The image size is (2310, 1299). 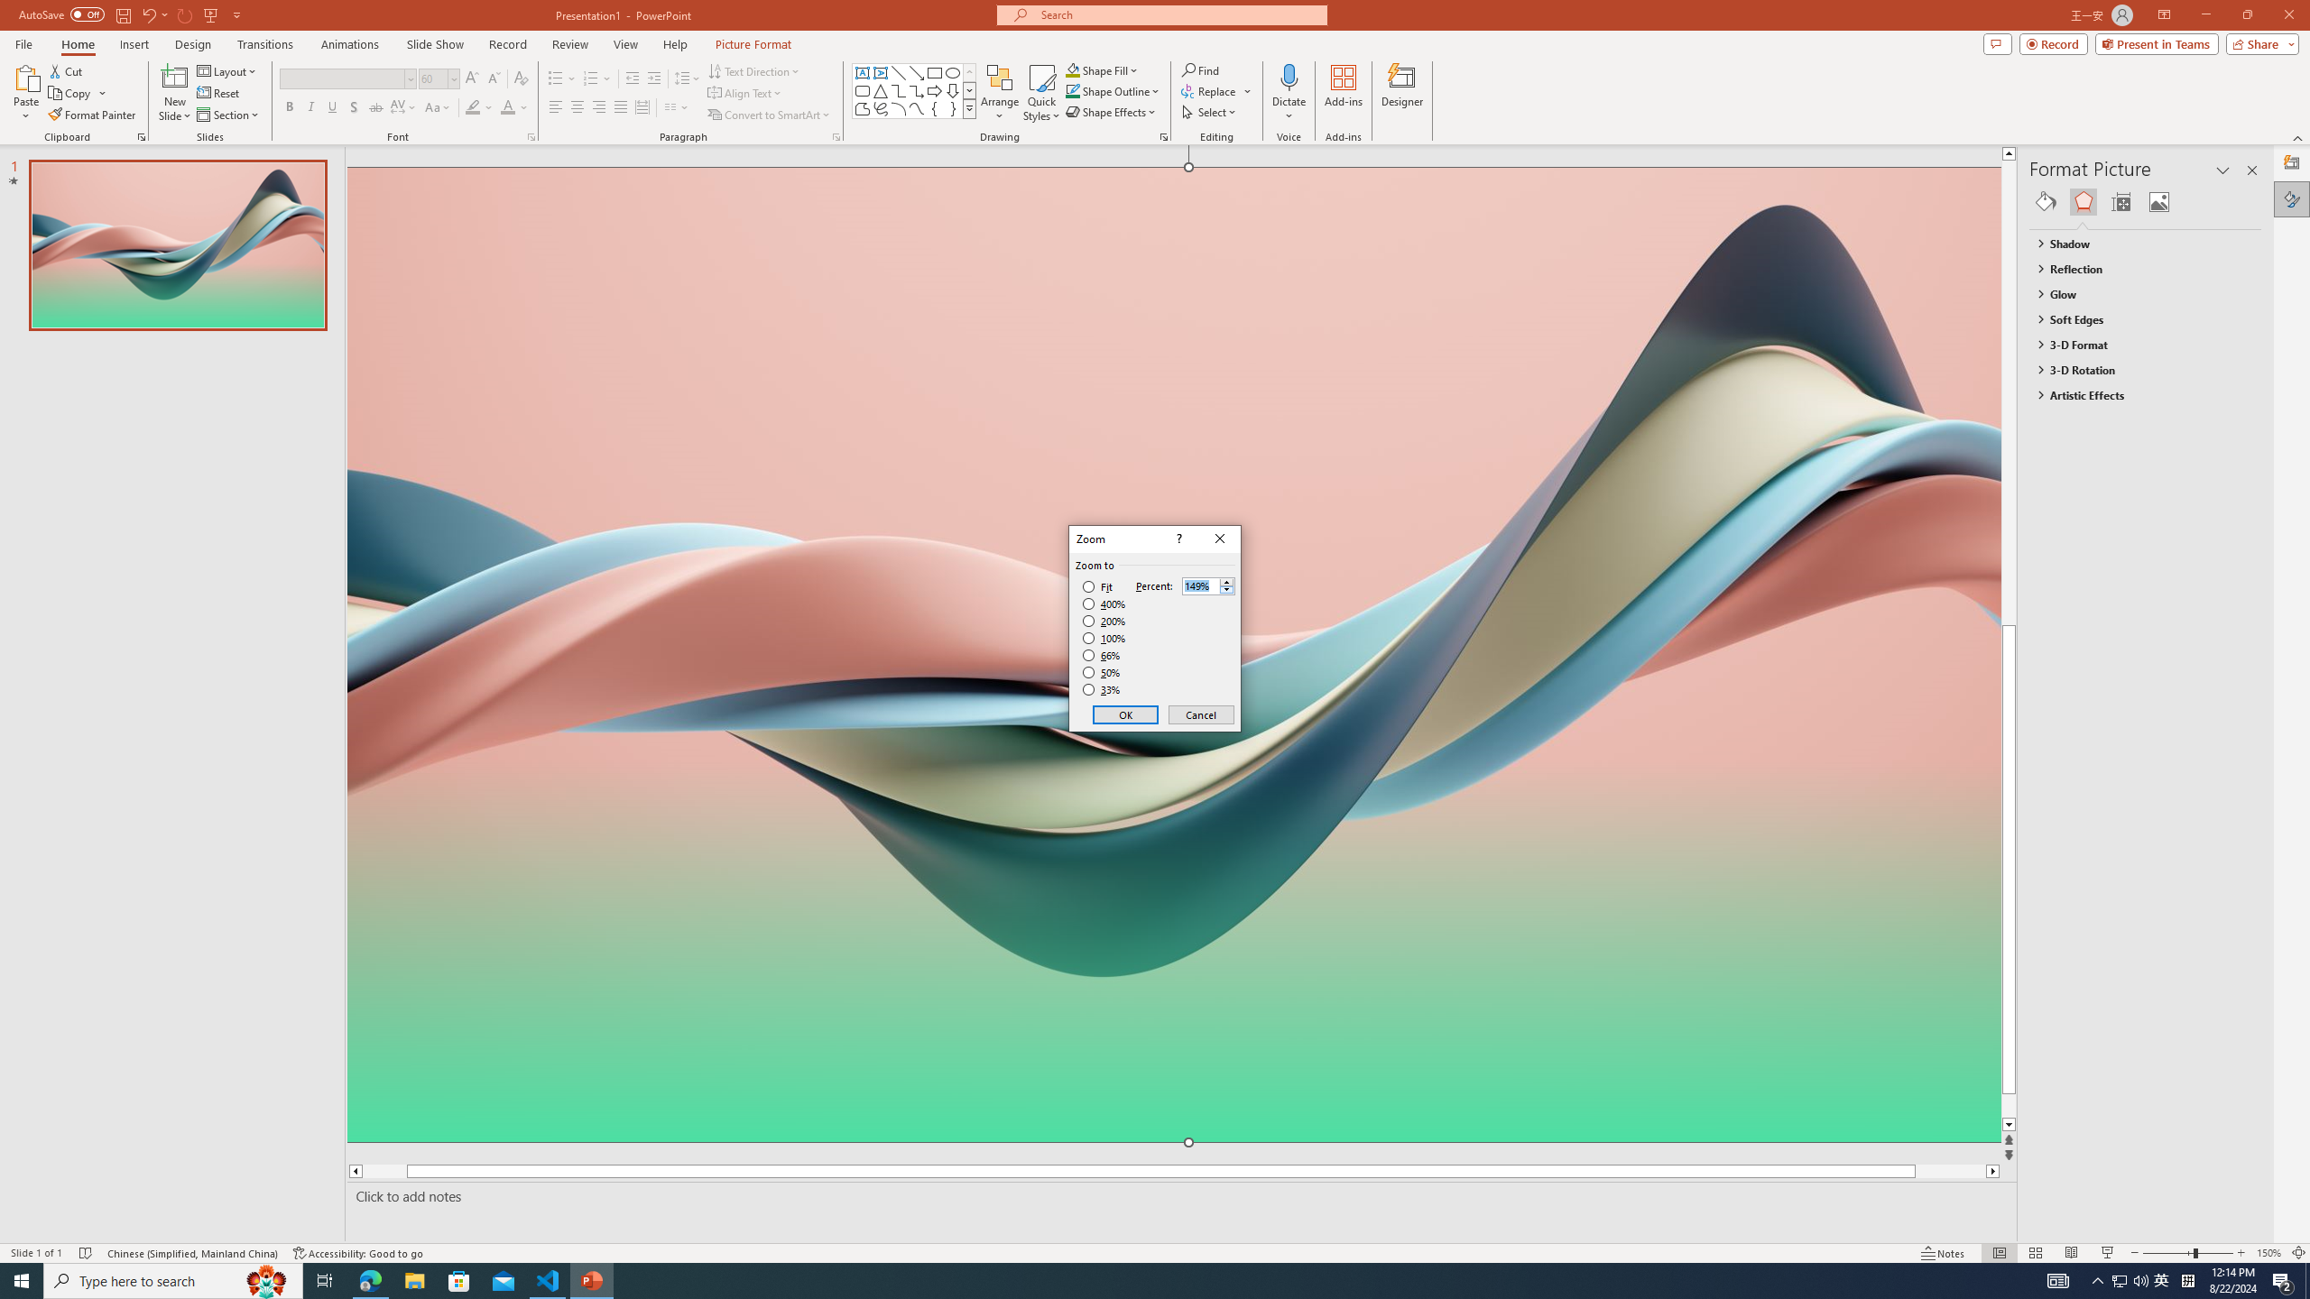 I want to click on 'Fill & Line', so click(x=2045, y=200).